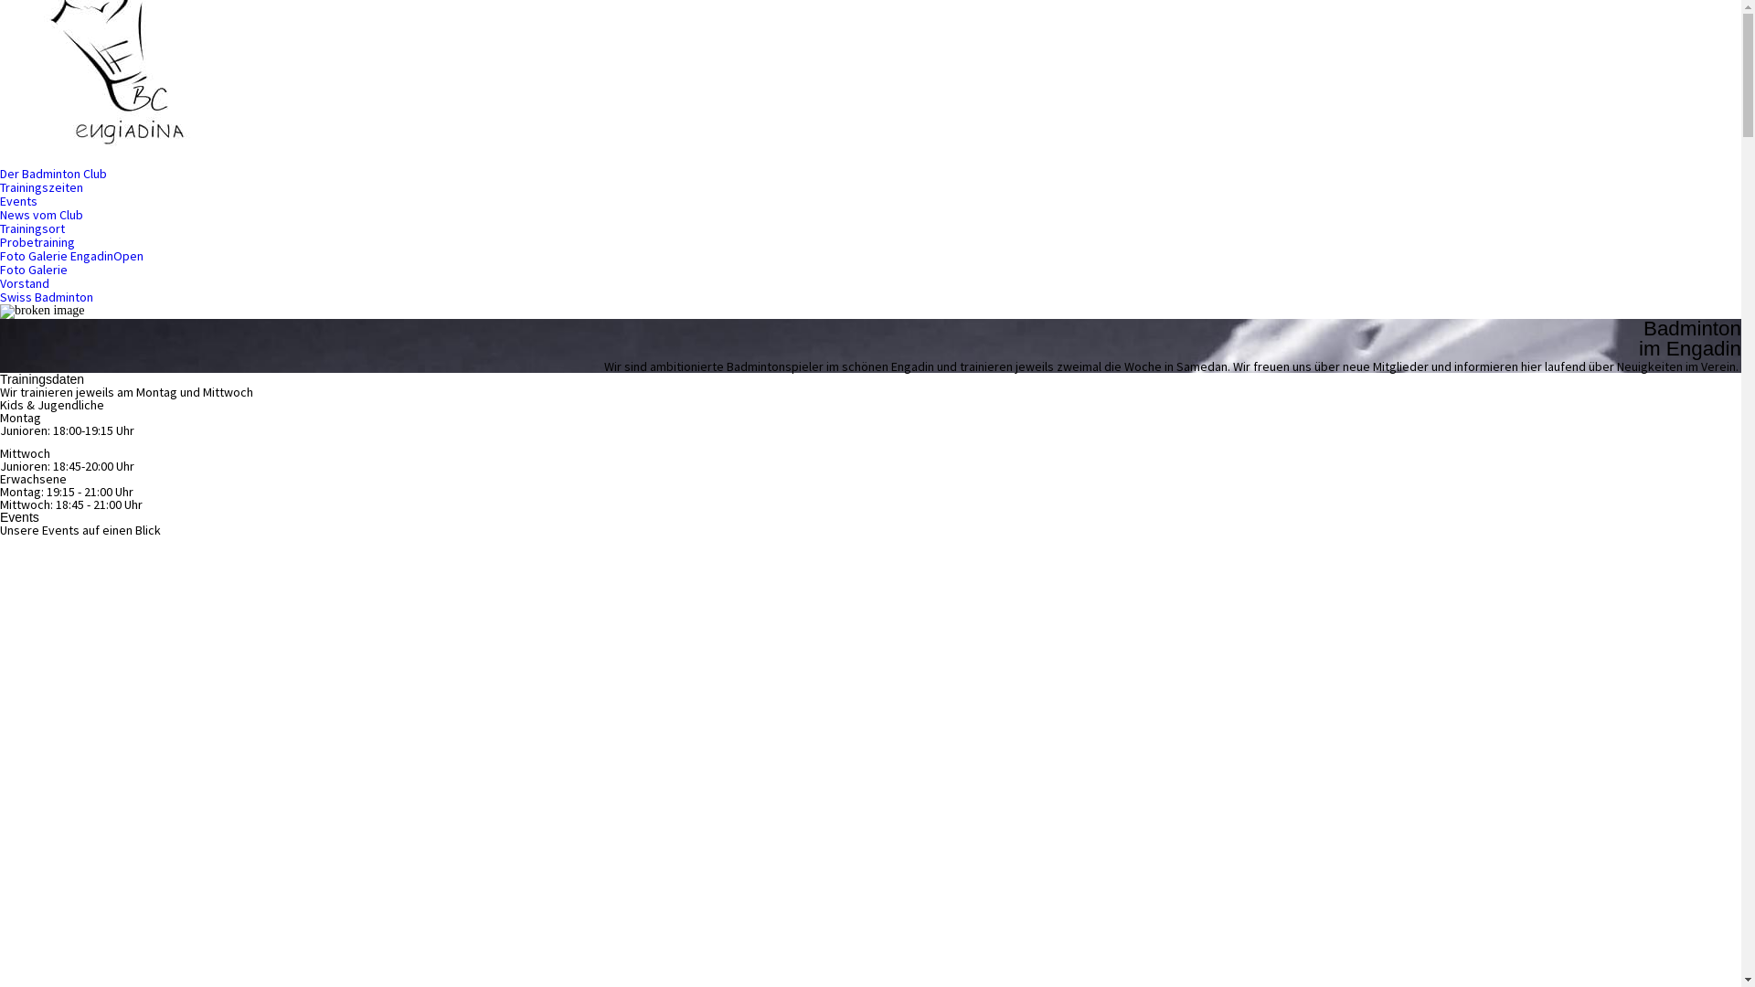 The width and height of the screenshot is (1755, 987). I want to click on 'Probetraining', so click(37, 241).